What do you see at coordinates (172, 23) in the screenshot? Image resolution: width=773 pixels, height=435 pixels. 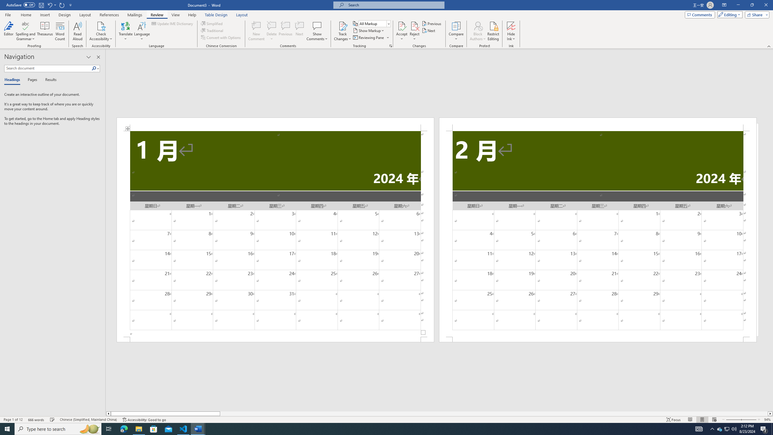 I see `'Update IME Dictionary...'` at bounding box center [172, 23].